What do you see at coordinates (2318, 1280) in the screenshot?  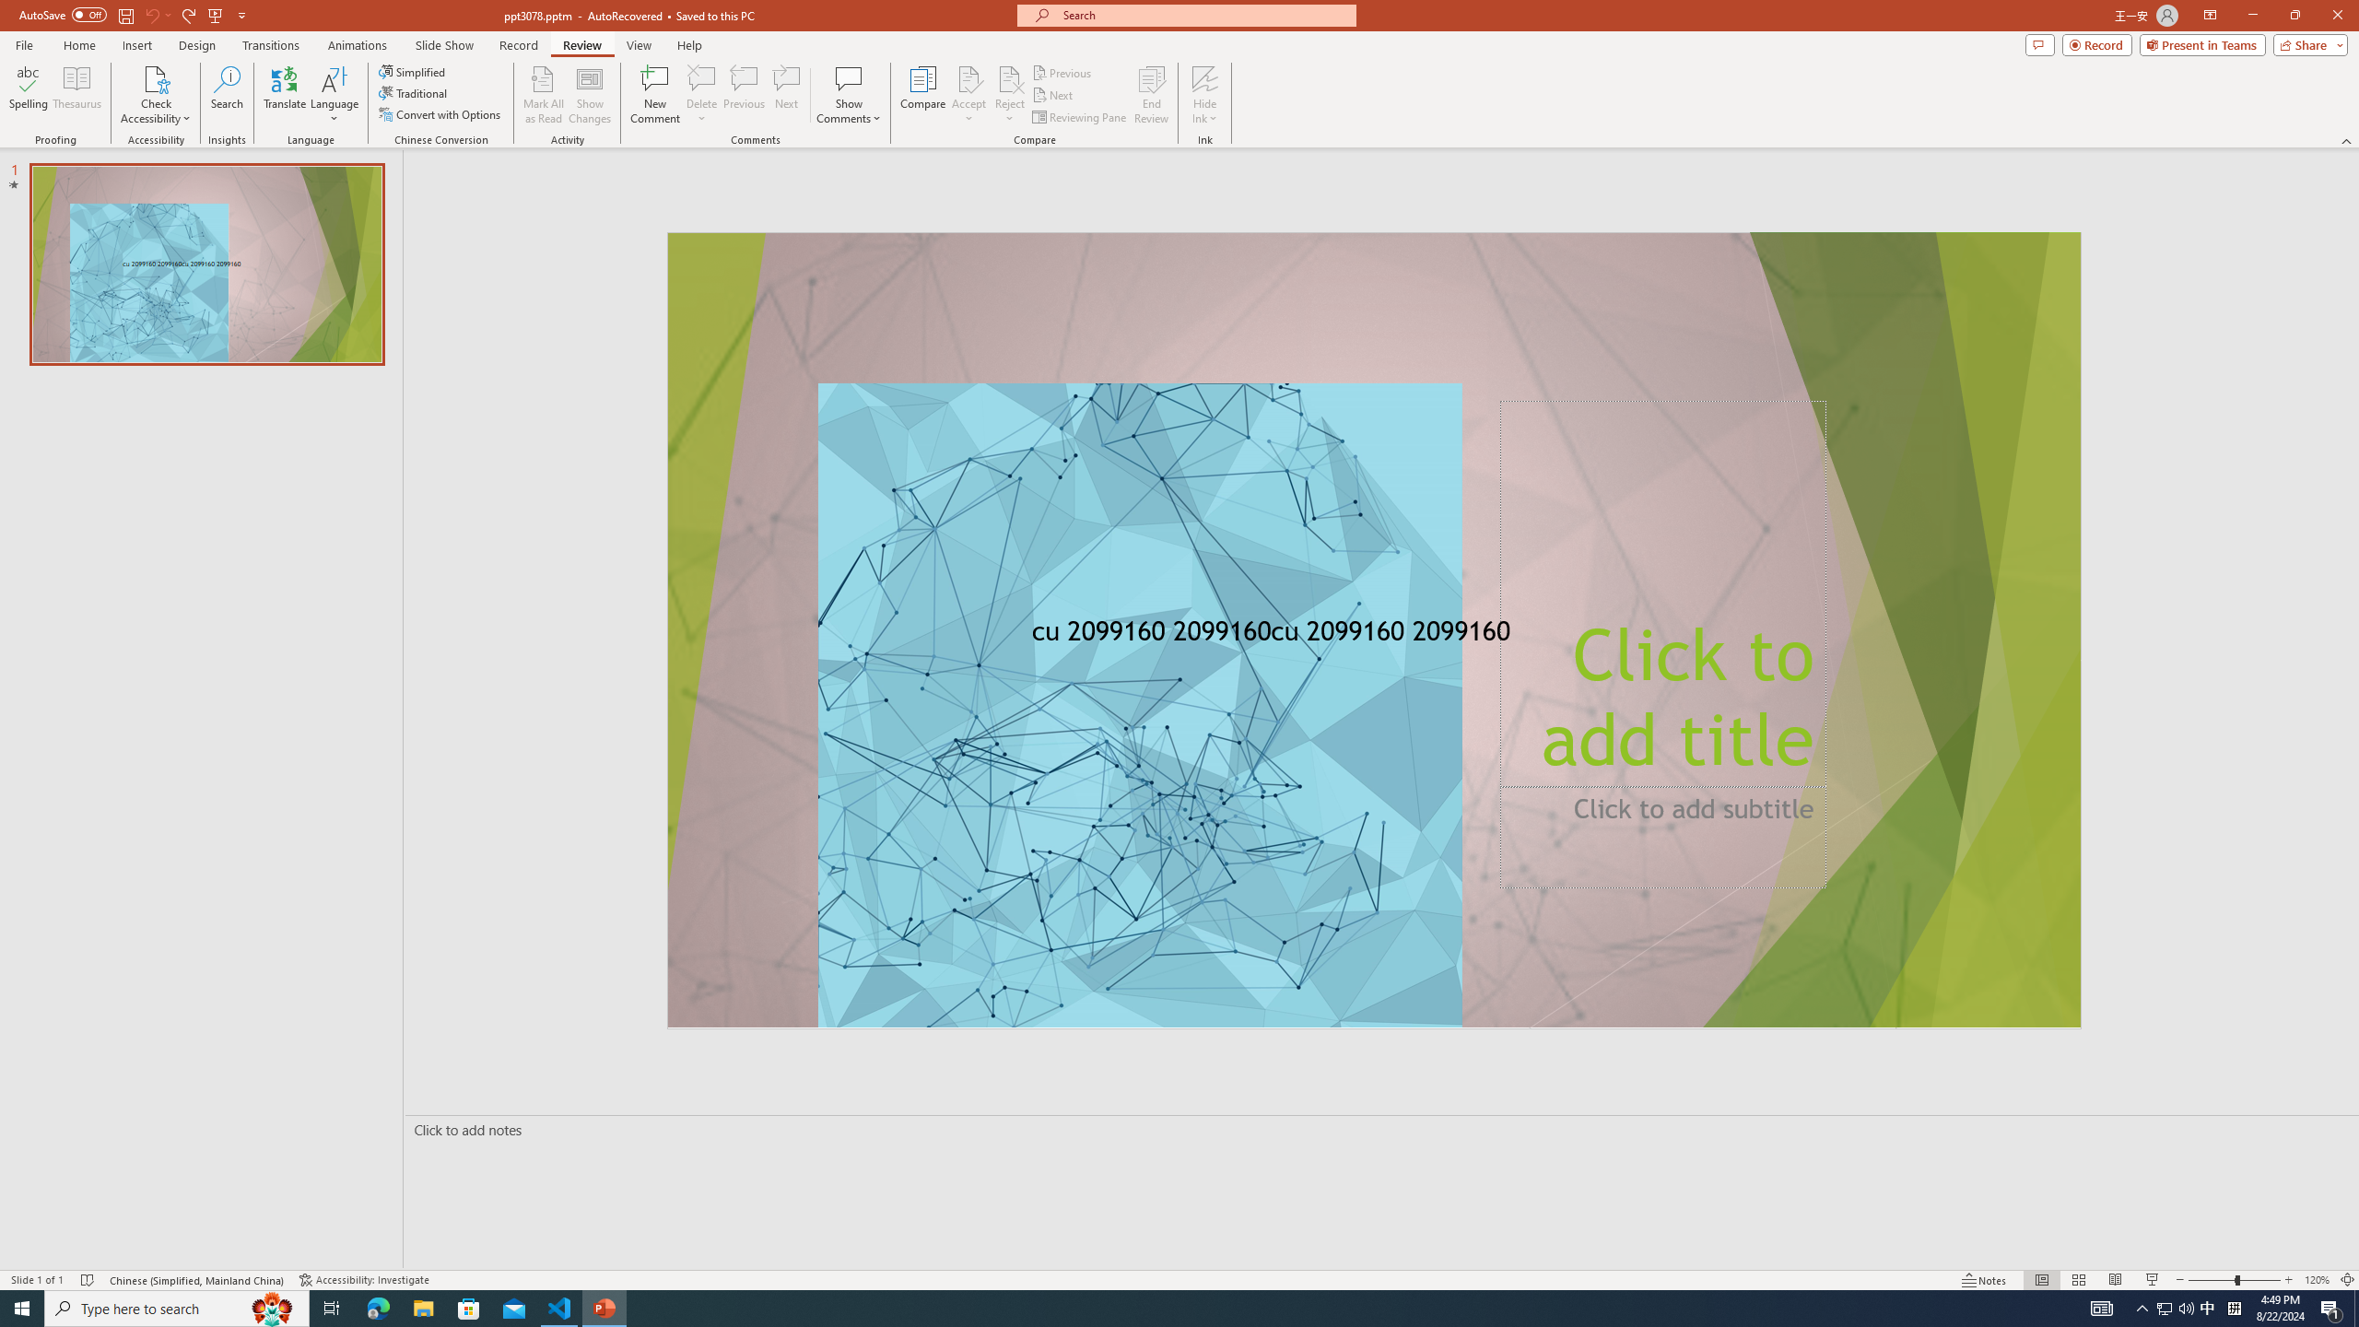 I see `'Zoom 120%'` at bounding box center [2318, 1280].